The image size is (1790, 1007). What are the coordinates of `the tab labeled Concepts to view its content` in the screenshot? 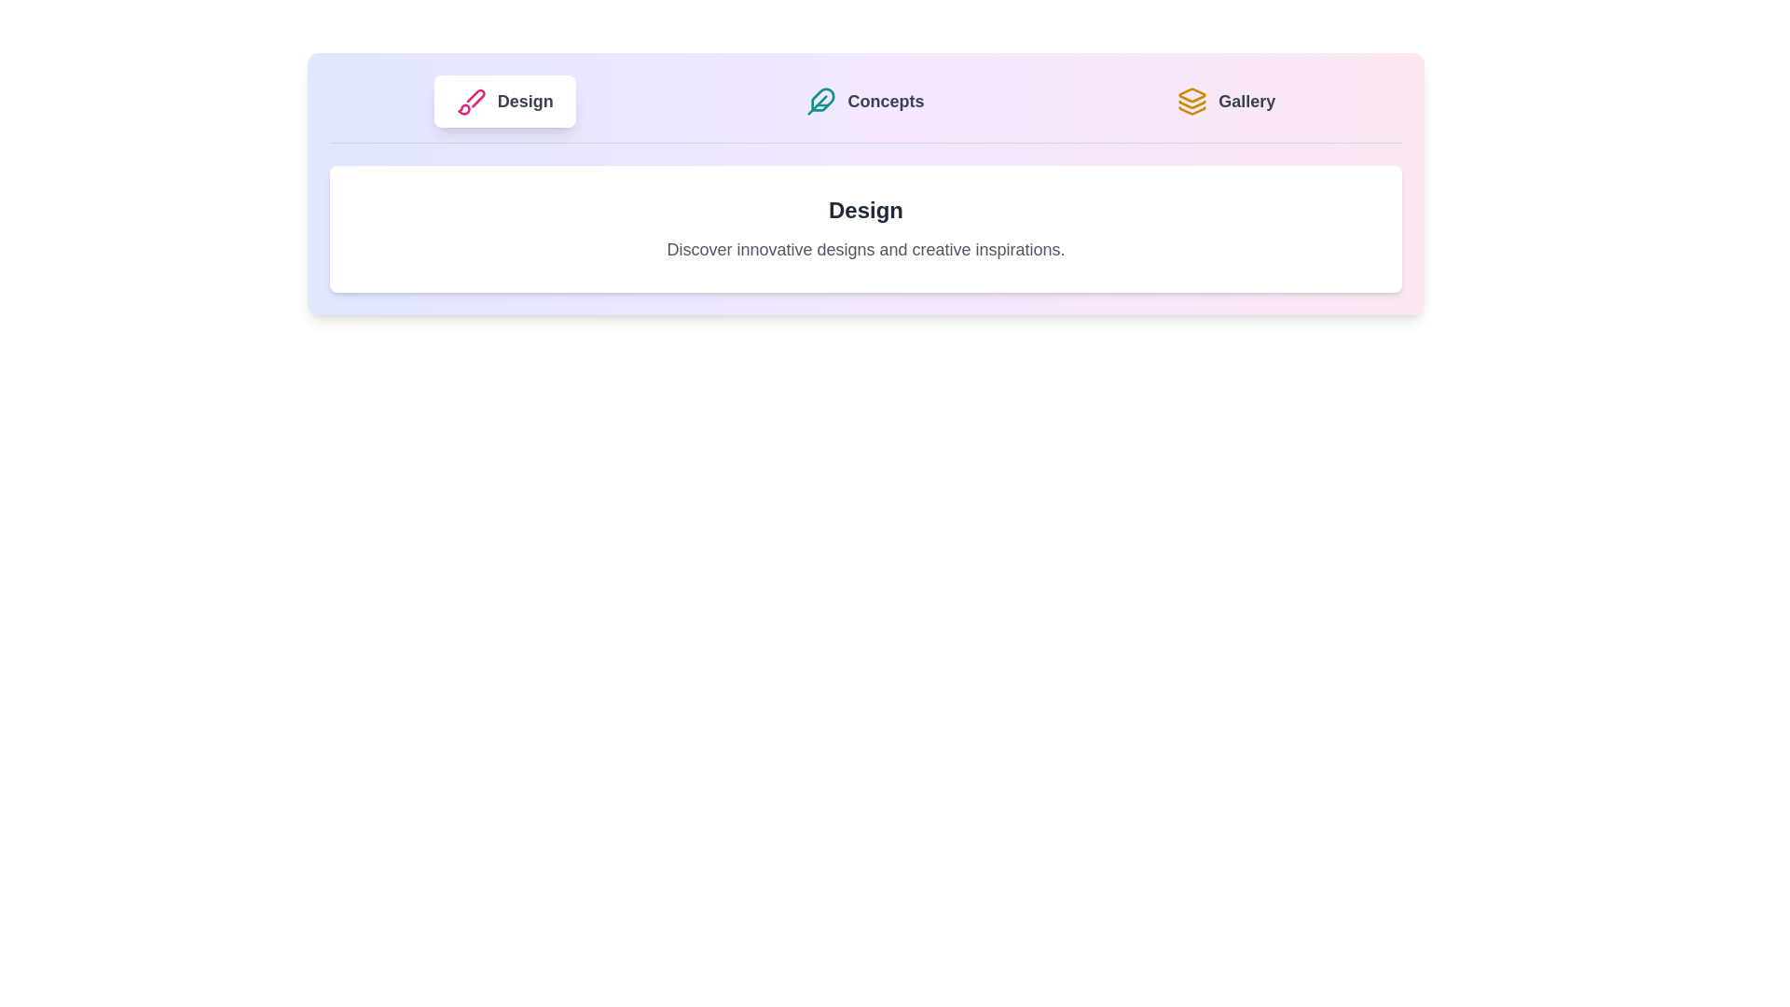 It's located at (864, 101).